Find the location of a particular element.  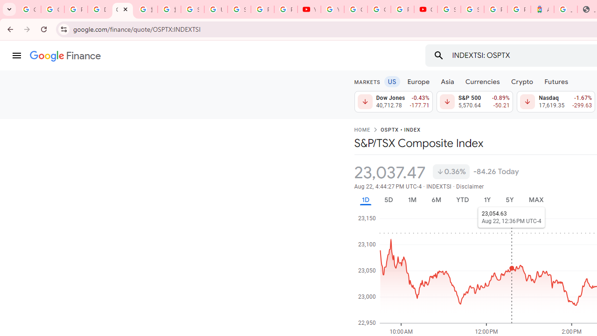

'S&P 500 5,570.64 Down by 0.89% -50.21' is located at coordinates (474, 102).